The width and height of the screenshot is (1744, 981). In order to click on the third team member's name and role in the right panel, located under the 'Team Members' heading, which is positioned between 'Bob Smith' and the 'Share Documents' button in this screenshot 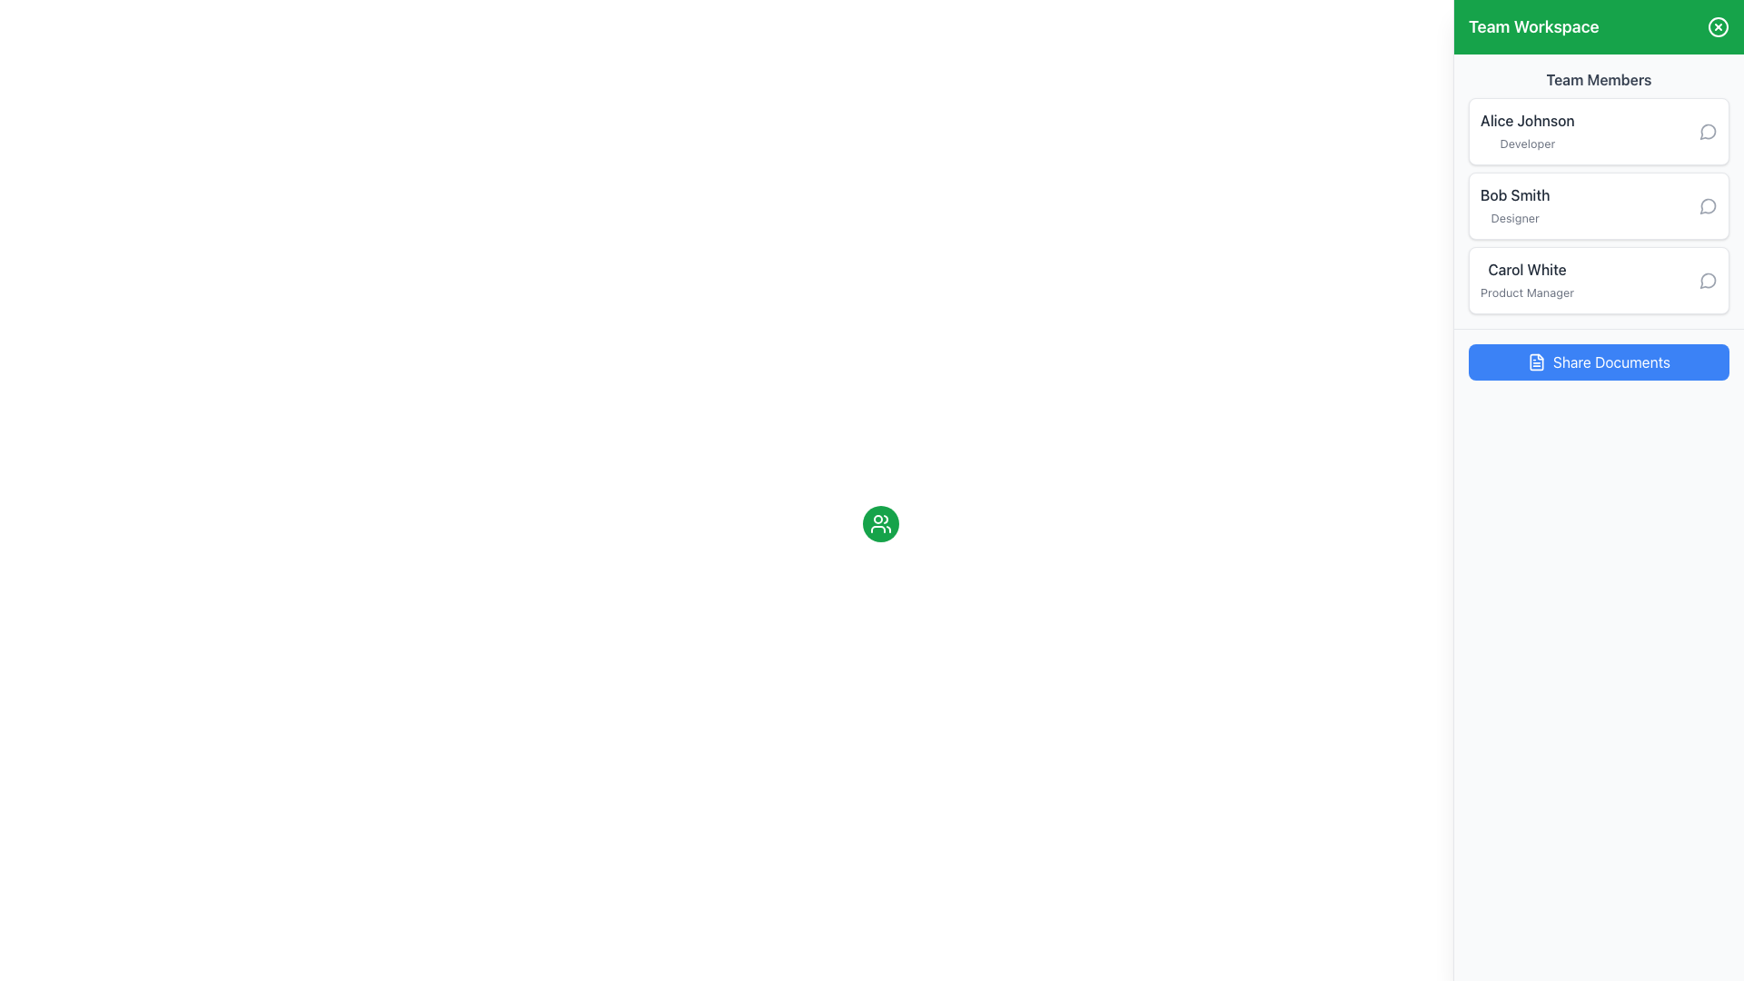, I will do `click(1526, 280)`.